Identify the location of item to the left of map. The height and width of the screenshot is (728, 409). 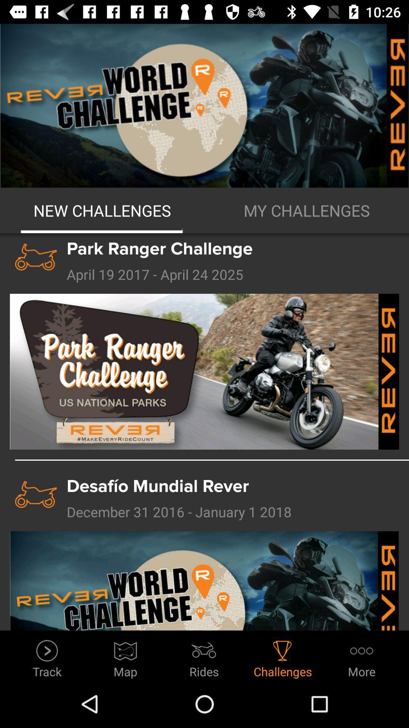
(47, 656).